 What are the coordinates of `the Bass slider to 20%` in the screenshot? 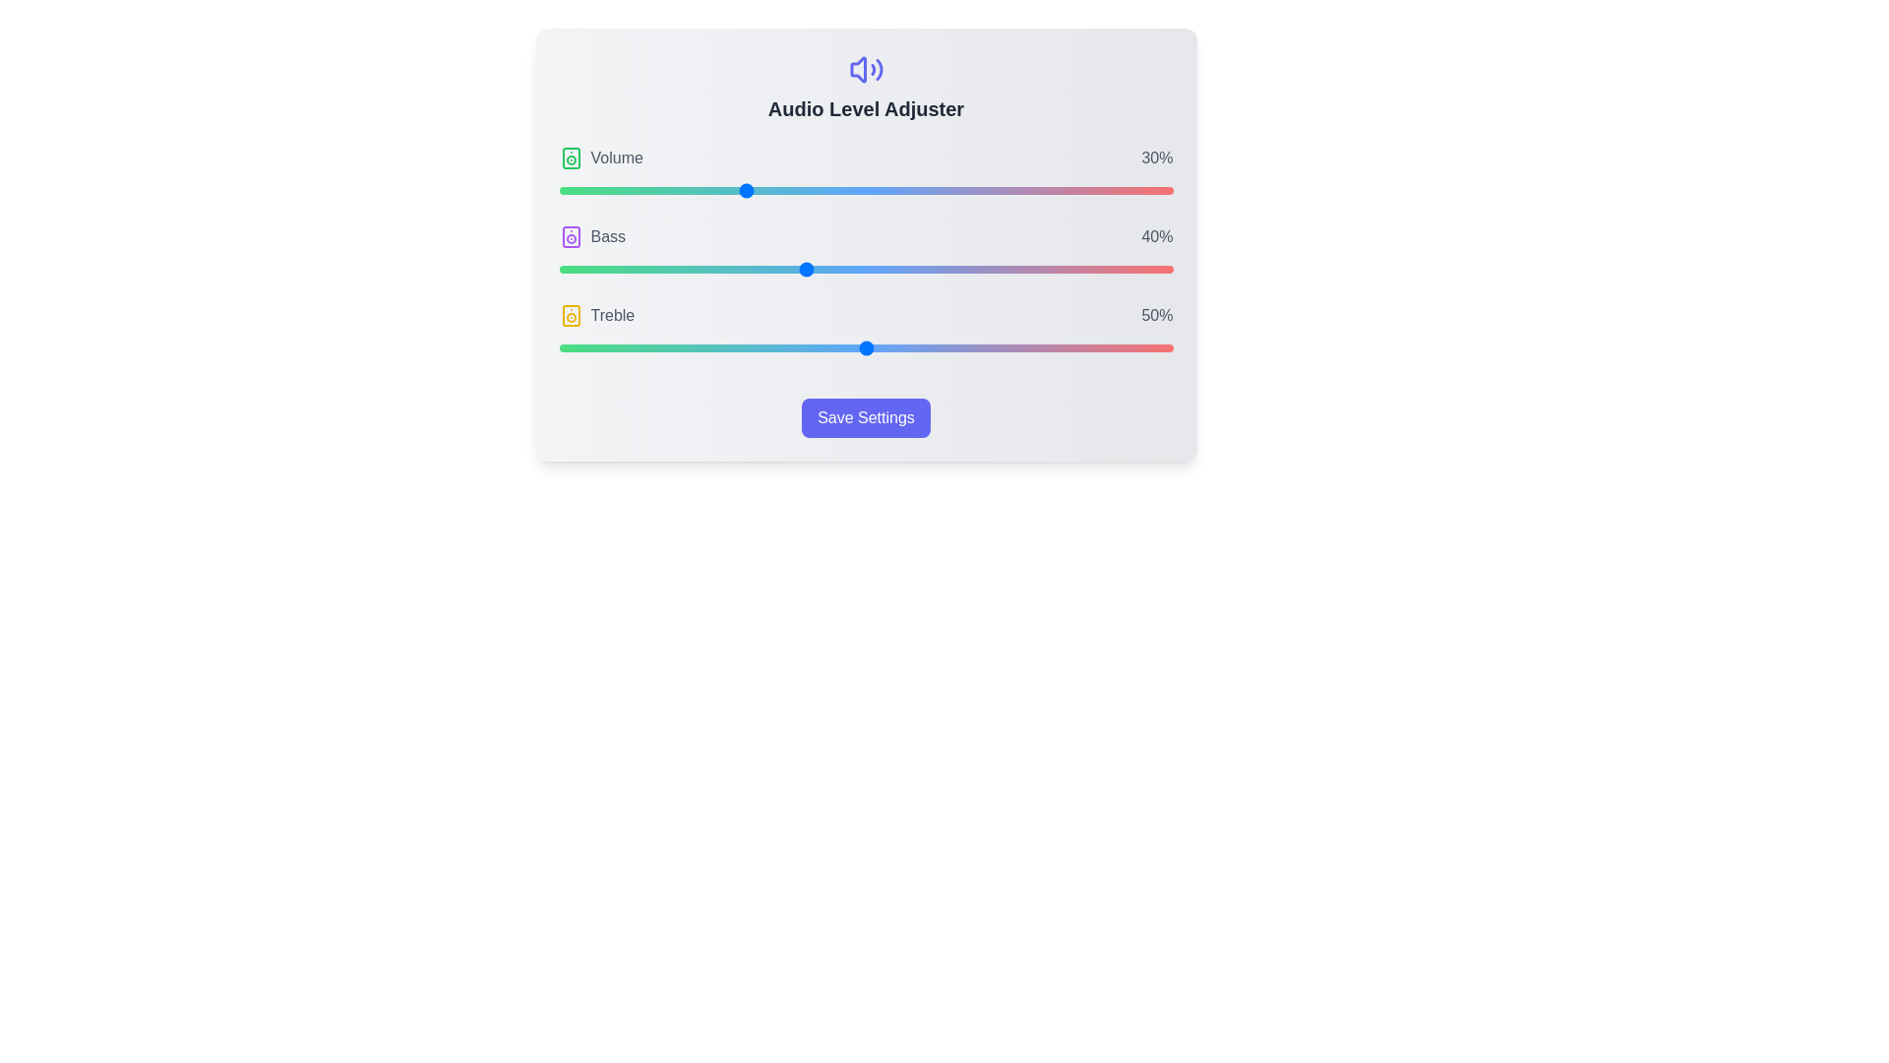 It's located at (682, 269).